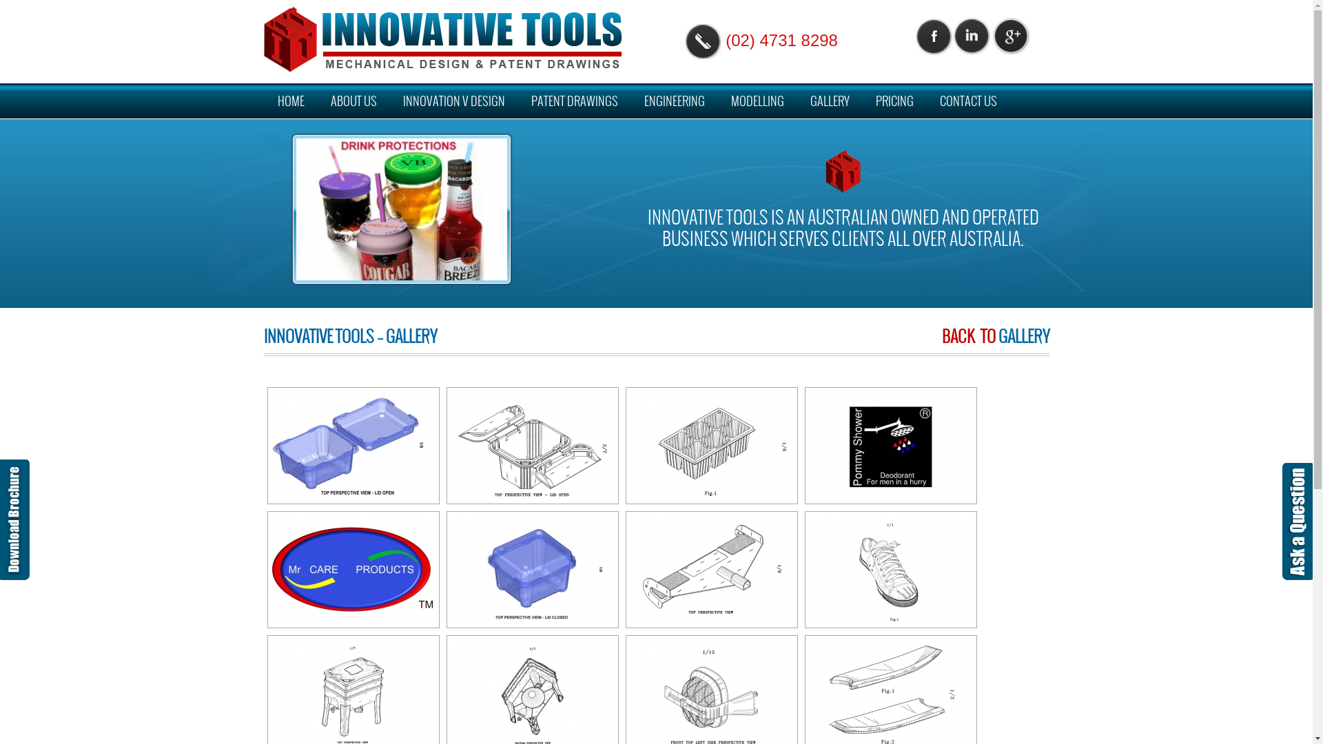 Image resolution: width=1323 pixels, height=744 pixels. Describe the element at coordinates (1297, 521) in the screenshot. I see `'Ask'` at that location.